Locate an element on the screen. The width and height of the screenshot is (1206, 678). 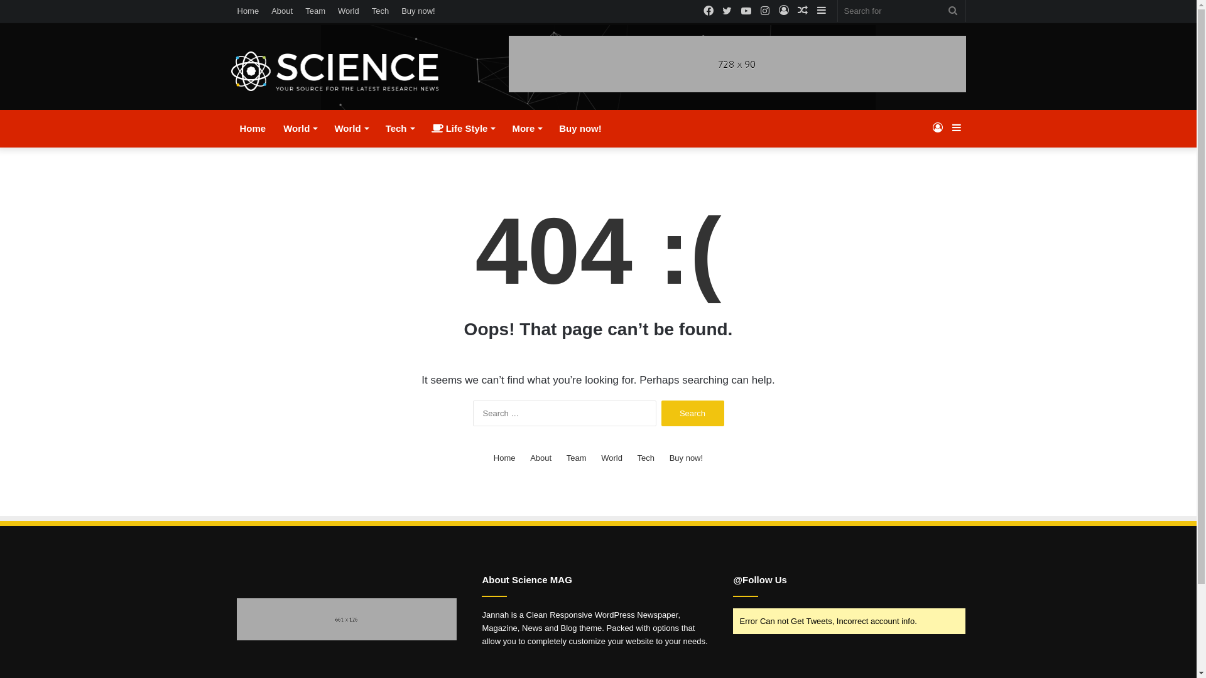
'Team' is located at coordinates (315, 11).